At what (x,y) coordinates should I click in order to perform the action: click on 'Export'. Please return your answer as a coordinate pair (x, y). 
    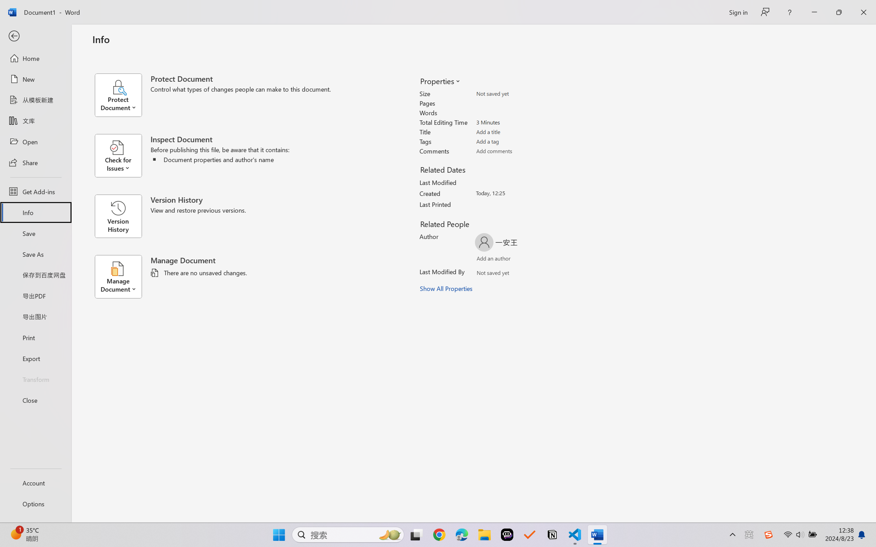
    Looking at the image, I should click on (35, 358).